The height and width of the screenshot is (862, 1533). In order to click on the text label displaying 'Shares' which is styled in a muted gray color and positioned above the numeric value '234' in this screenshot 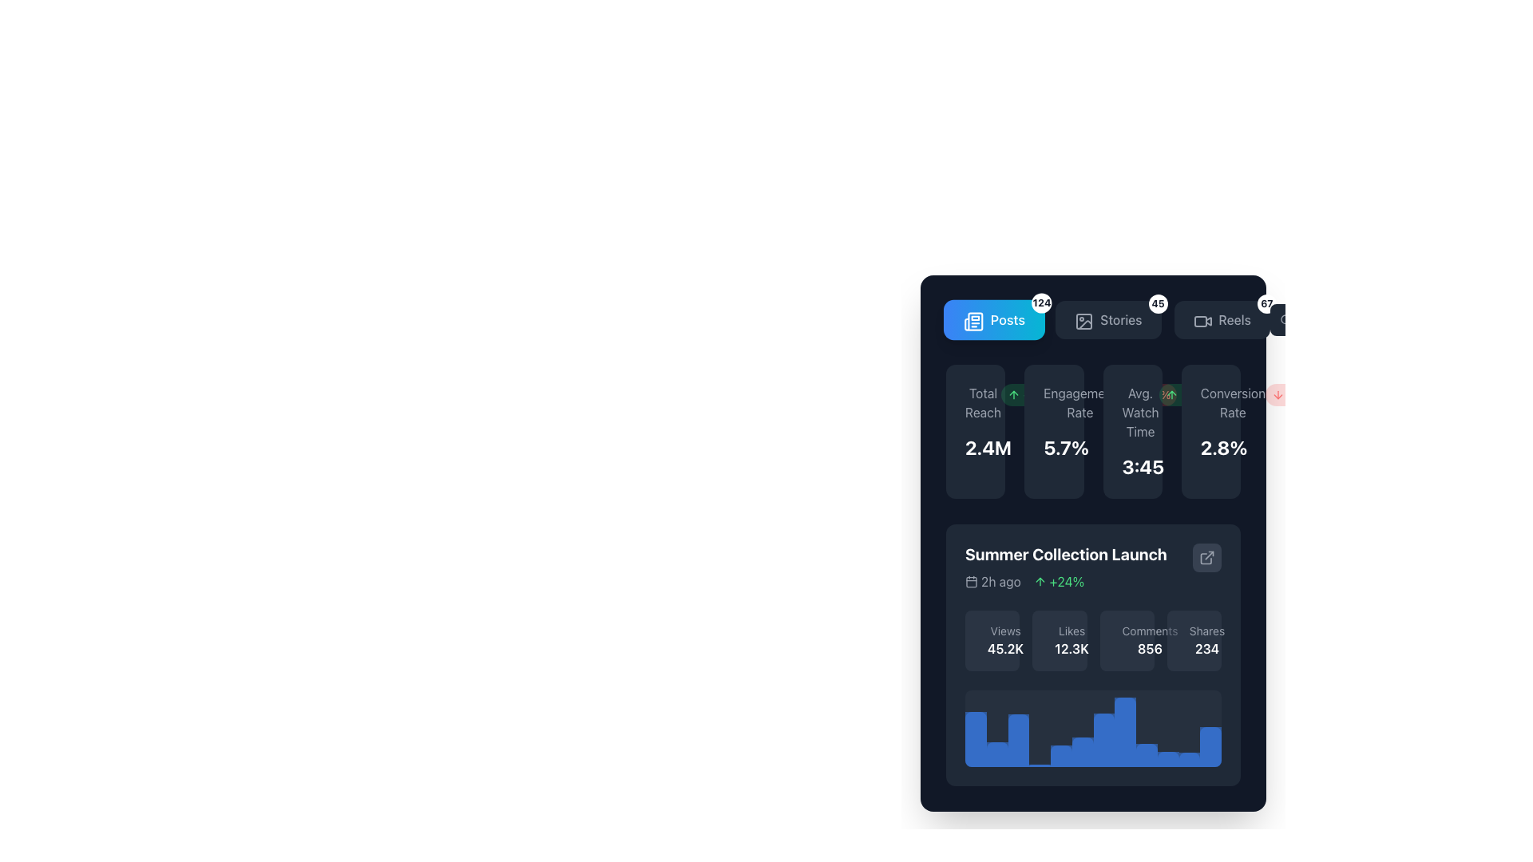, I will do `click(1207, 630)`.